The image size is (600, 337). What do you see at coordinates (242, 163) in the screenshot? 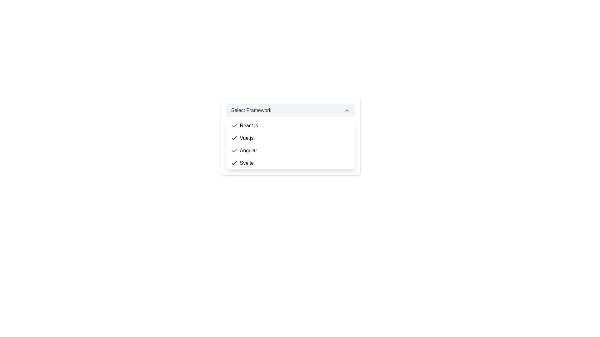
I see `the 'Svelte' option in the dropdown menu titled 'Select Framework' to modify the selection, as indicated by its accompanying checkmark icon` at bounding box center [242, 163].